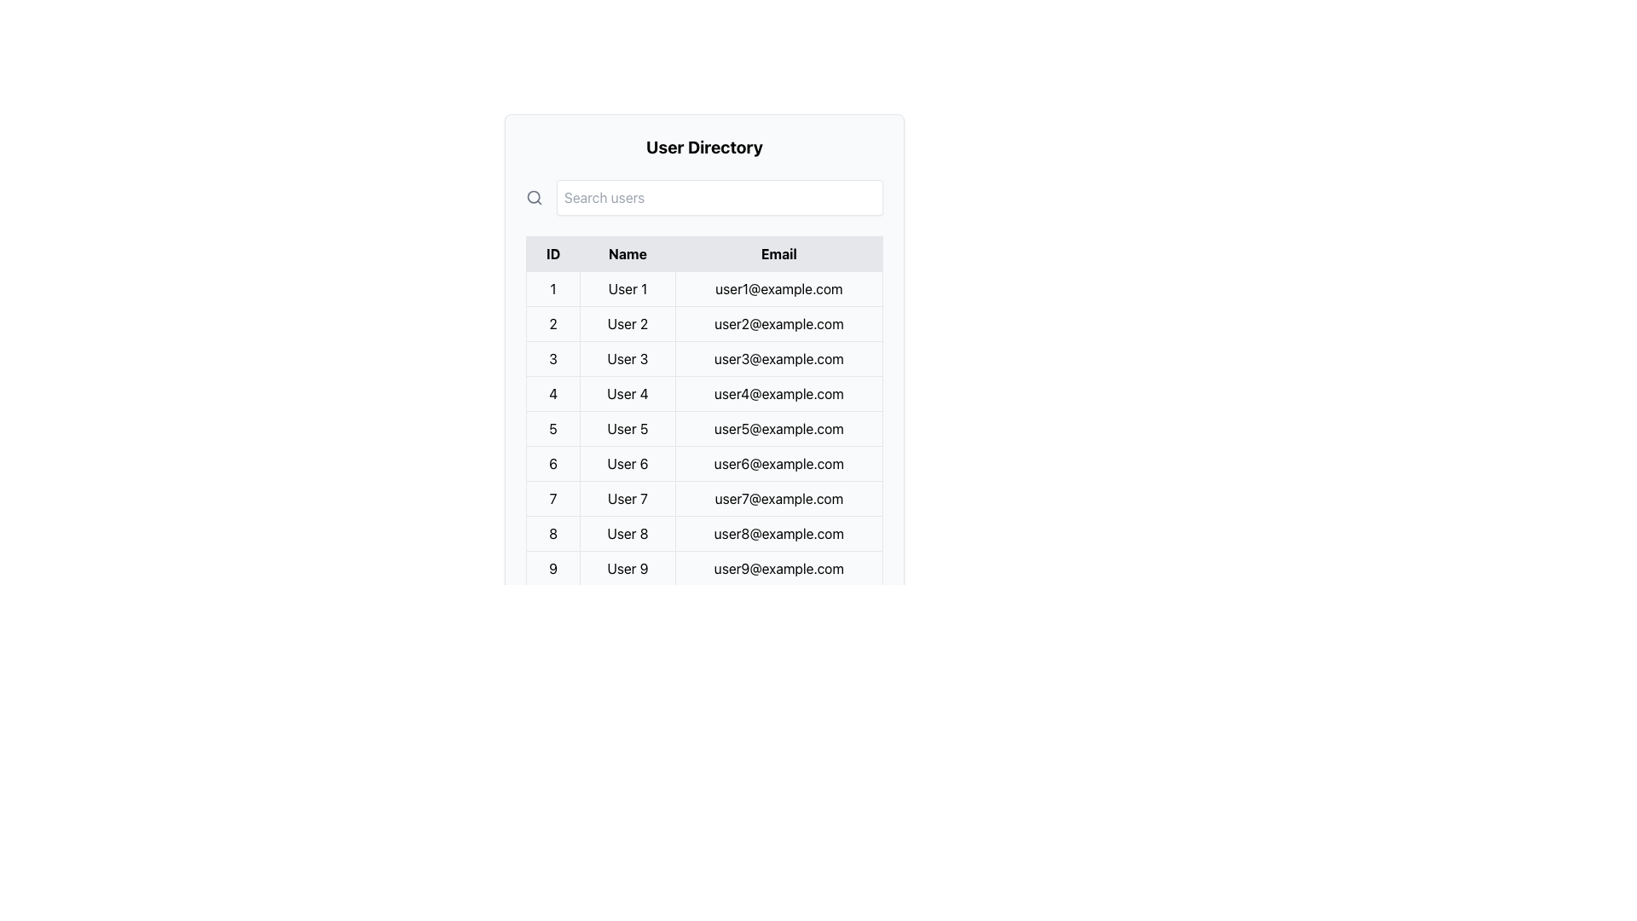 Image resolution: width=1637 pixels, height=921 pixels. What do you see at coordinates (552, 357) in the screenshot?
I see `the table cell in the third row under the 'ID' column, which contains the text '3'` at bounding box center [552, 357].